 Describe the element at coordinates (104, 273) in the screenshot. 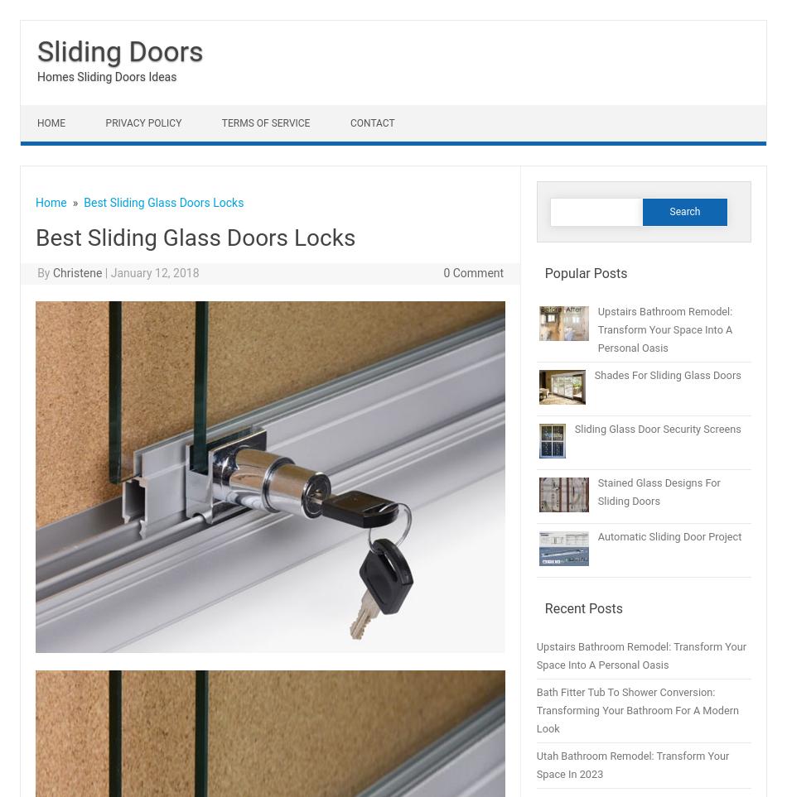

I see `'|'` at that location.